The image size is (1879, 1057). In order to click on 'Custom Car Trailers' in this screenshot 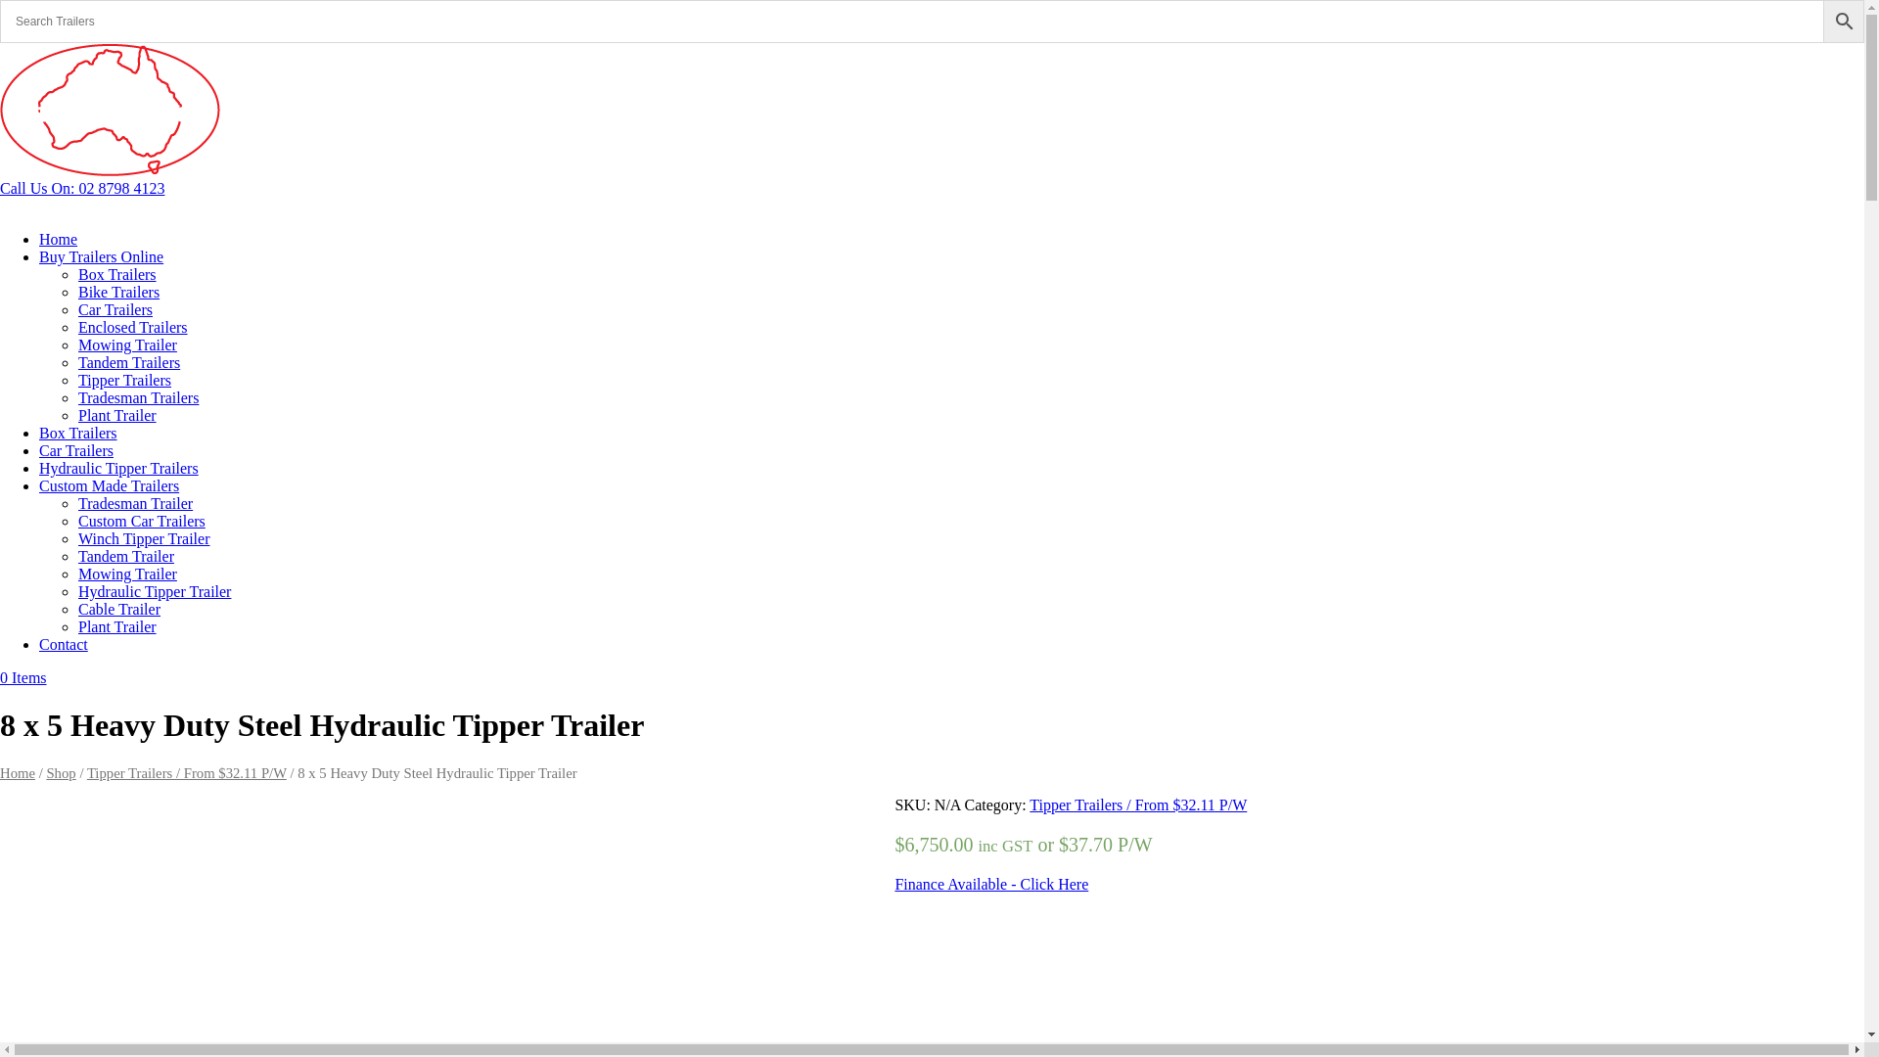, I will do `click(140, 520)`.